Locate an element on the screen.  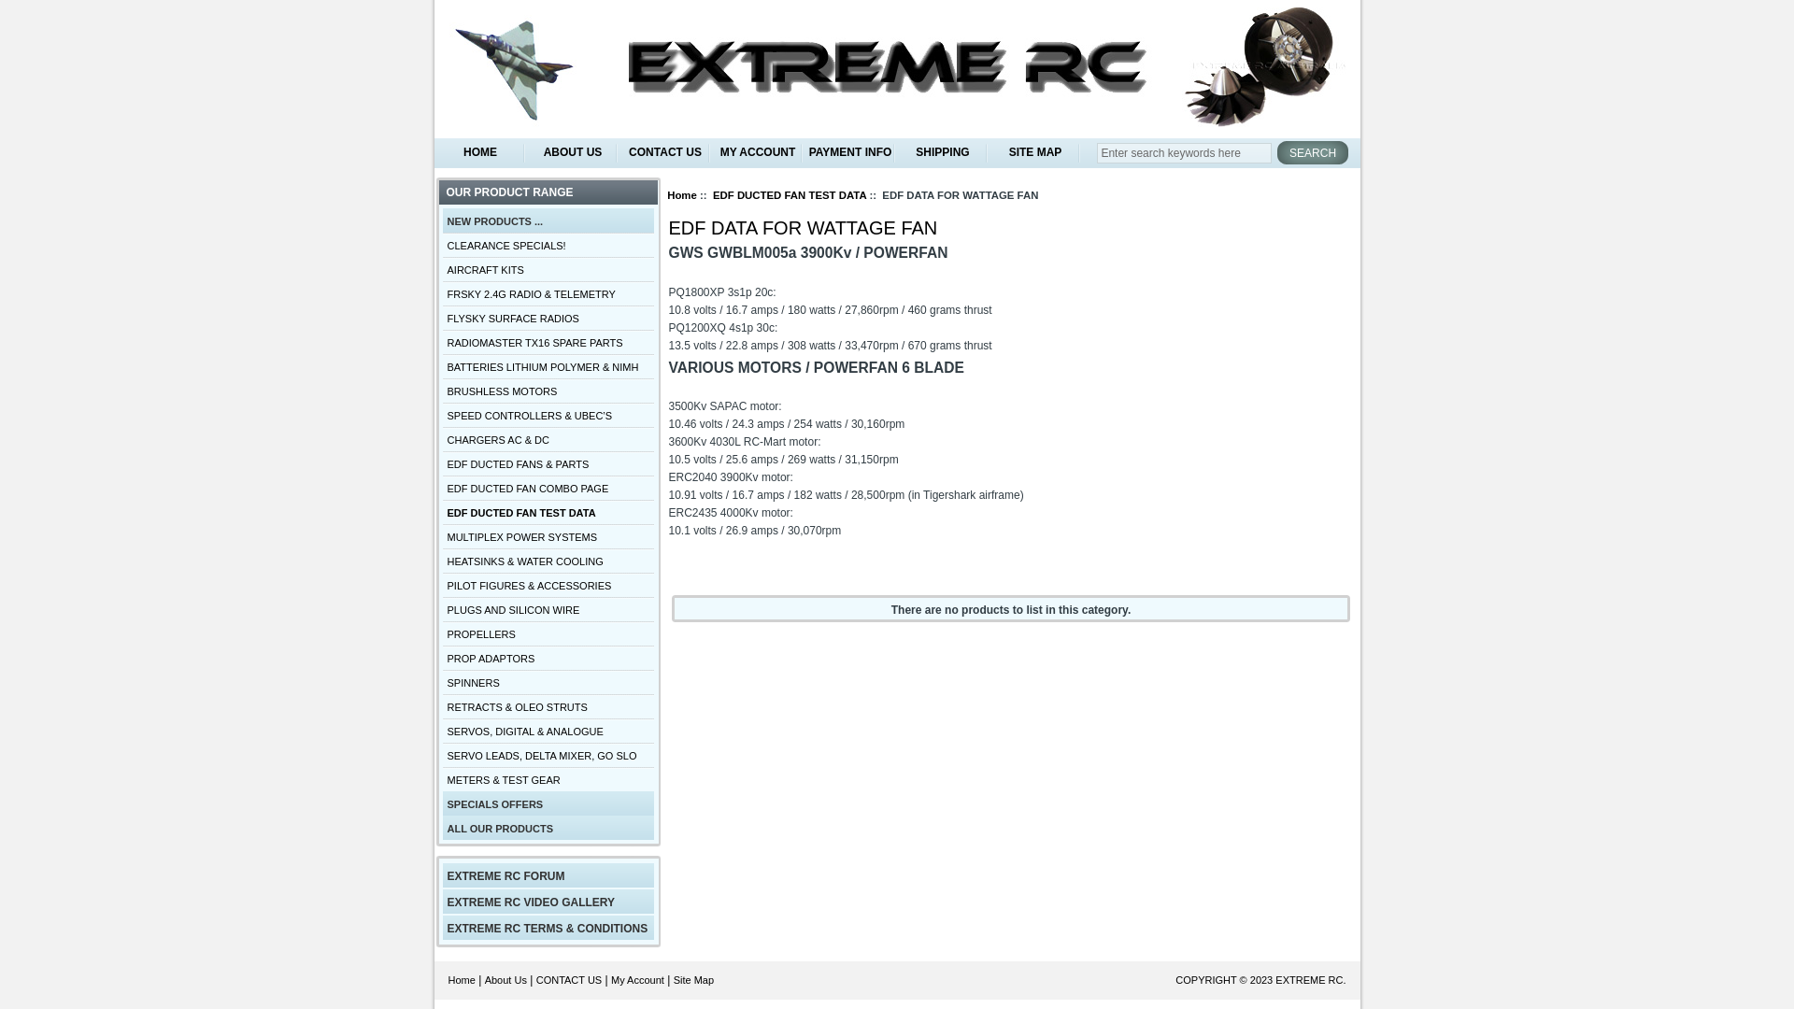
'CLEARANCE SPECIALS!' is located at coordinates (442, 244).